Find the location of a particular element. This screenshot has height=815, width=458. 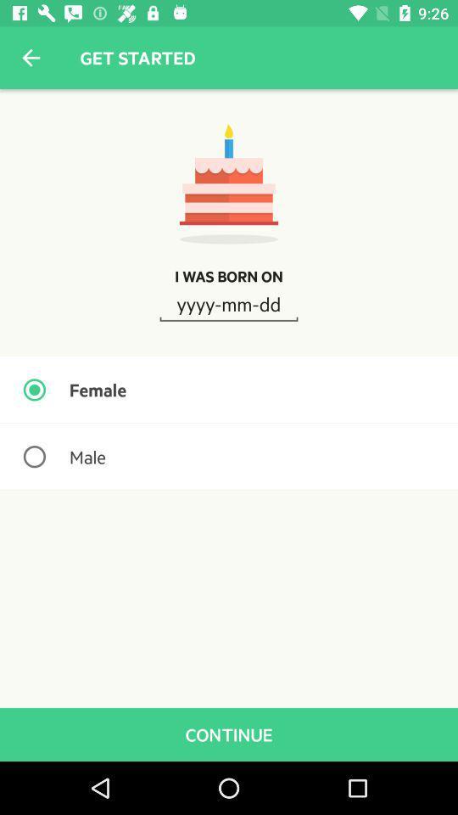

the icon to the left of the get started icon is located at coordinates (31, 58).